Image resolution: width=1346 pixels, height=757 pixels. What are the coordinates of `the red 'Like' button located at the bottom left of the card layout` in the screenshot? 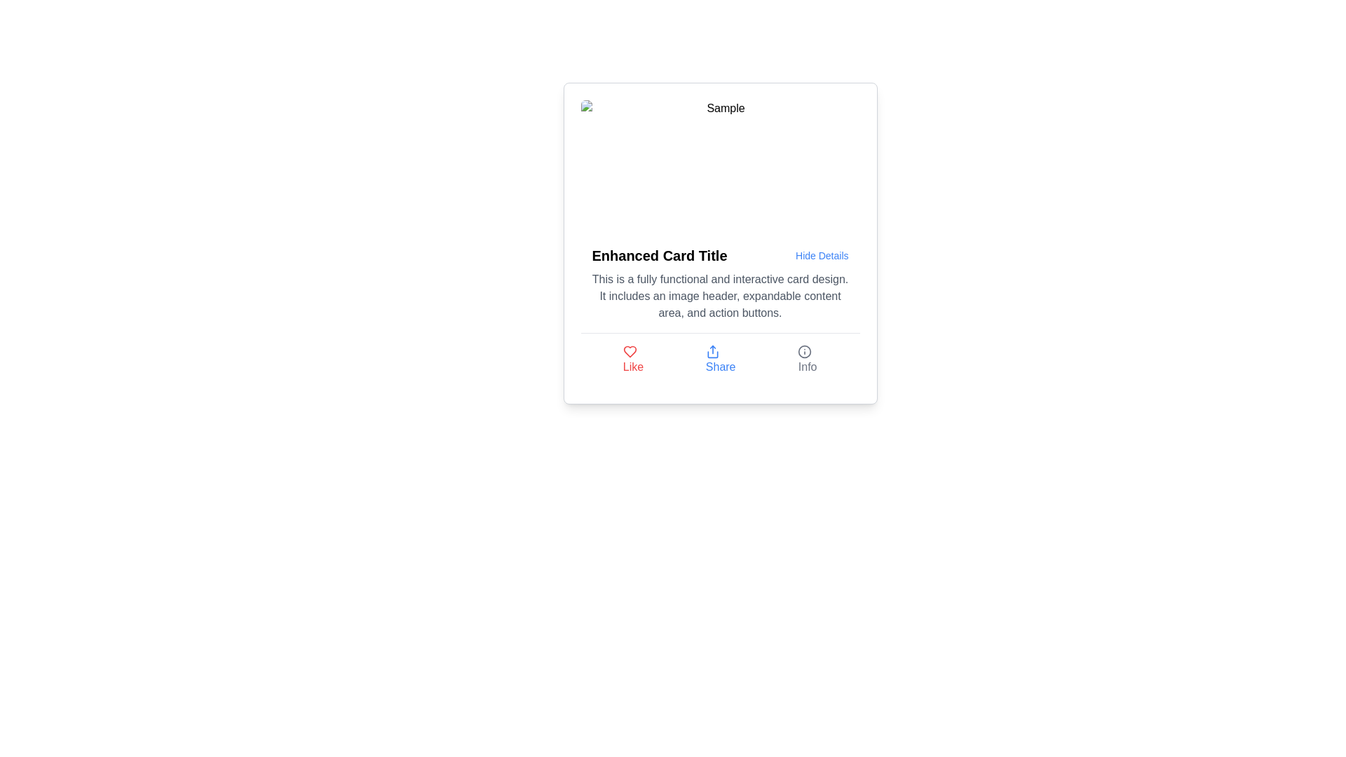 It's located at (632, 359).